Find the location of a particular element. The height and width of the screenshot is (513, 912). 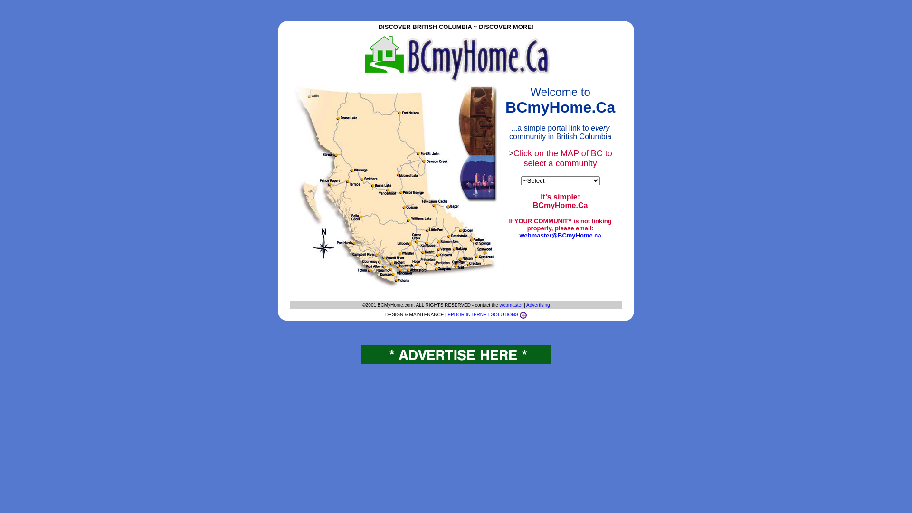

'webmaster@BCmyHome.ca' is located at coordinates (560, 235).